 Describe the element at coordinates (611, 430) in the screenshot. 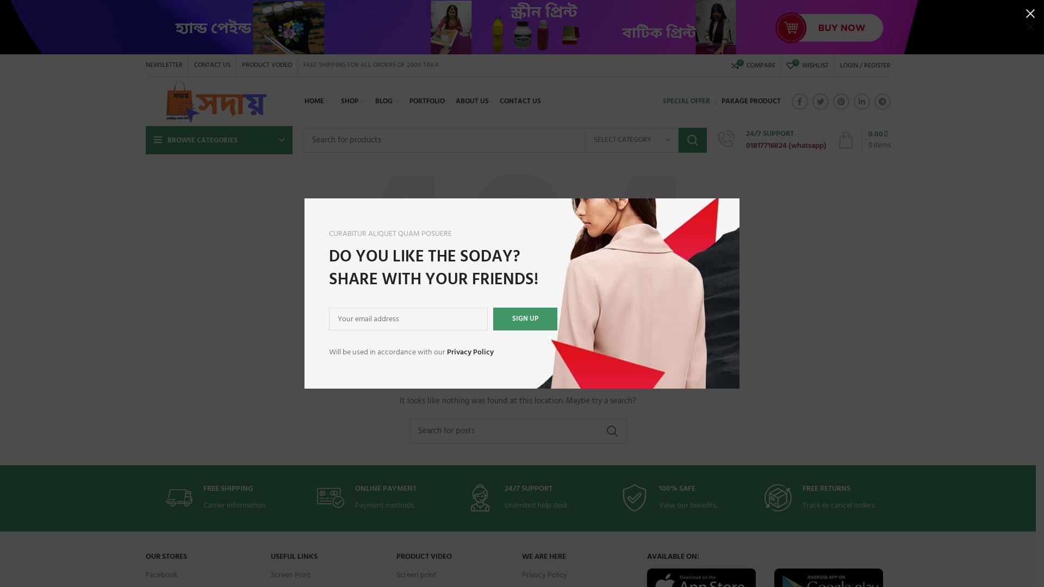

I see `'SEARCH'` at that location.